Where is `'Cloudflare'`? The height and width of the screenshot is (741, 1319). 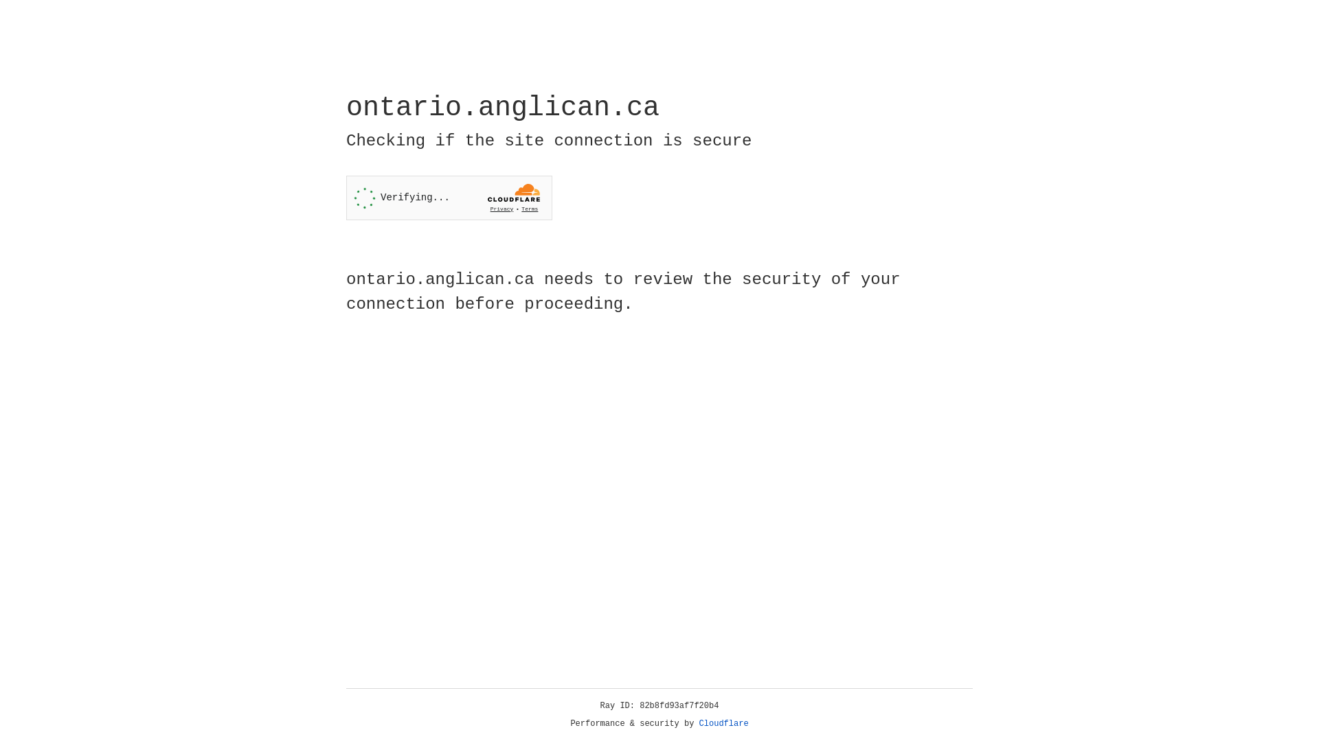 'Cloudflare' is located at coordinates (723, 723).